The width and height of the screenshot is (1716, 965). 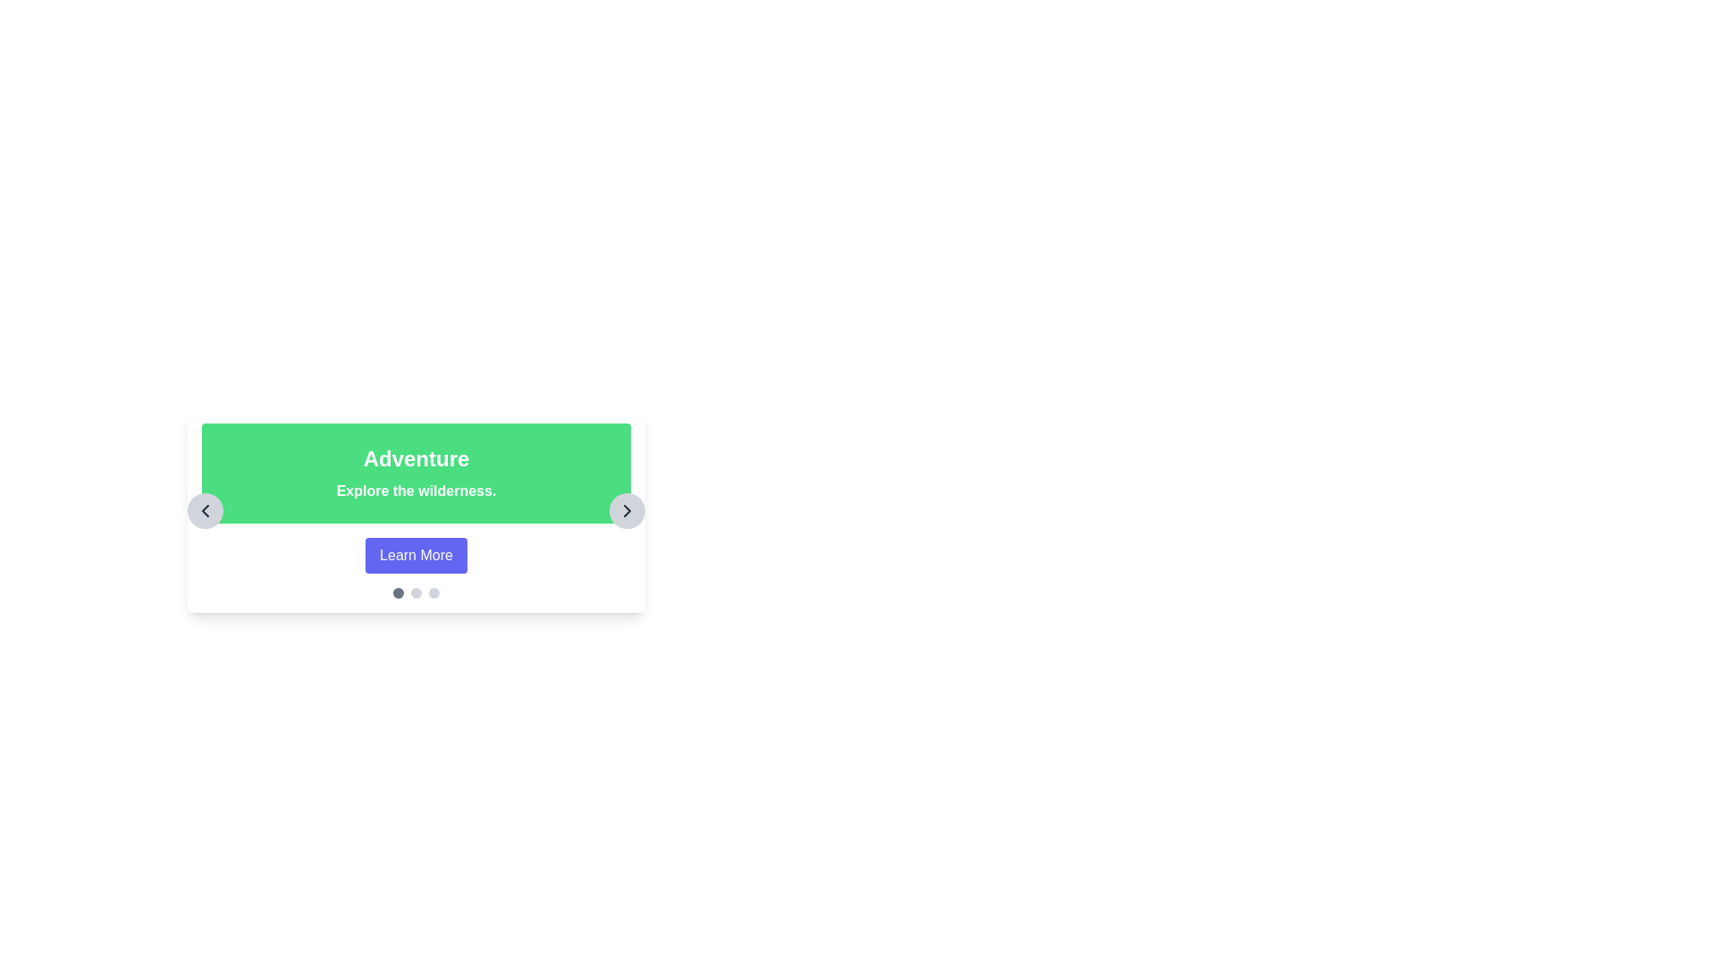 I want to click on the central lighter gray circle of the Page indicator (dot-style), so click(x=415, y=592).